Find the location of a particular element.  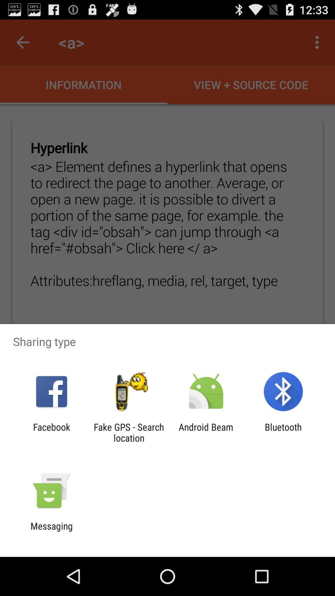

messaging is located at coordinates (51, 531).